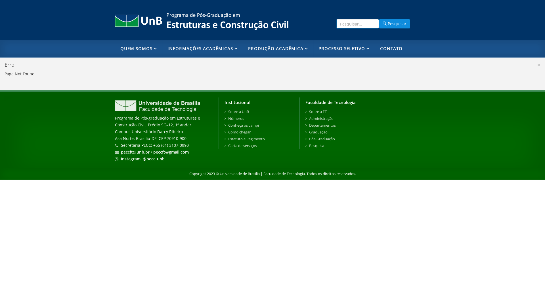  Describe the element at coordinates (394, 24) in the screenshot. I see `'Pesquisar'` at that location.